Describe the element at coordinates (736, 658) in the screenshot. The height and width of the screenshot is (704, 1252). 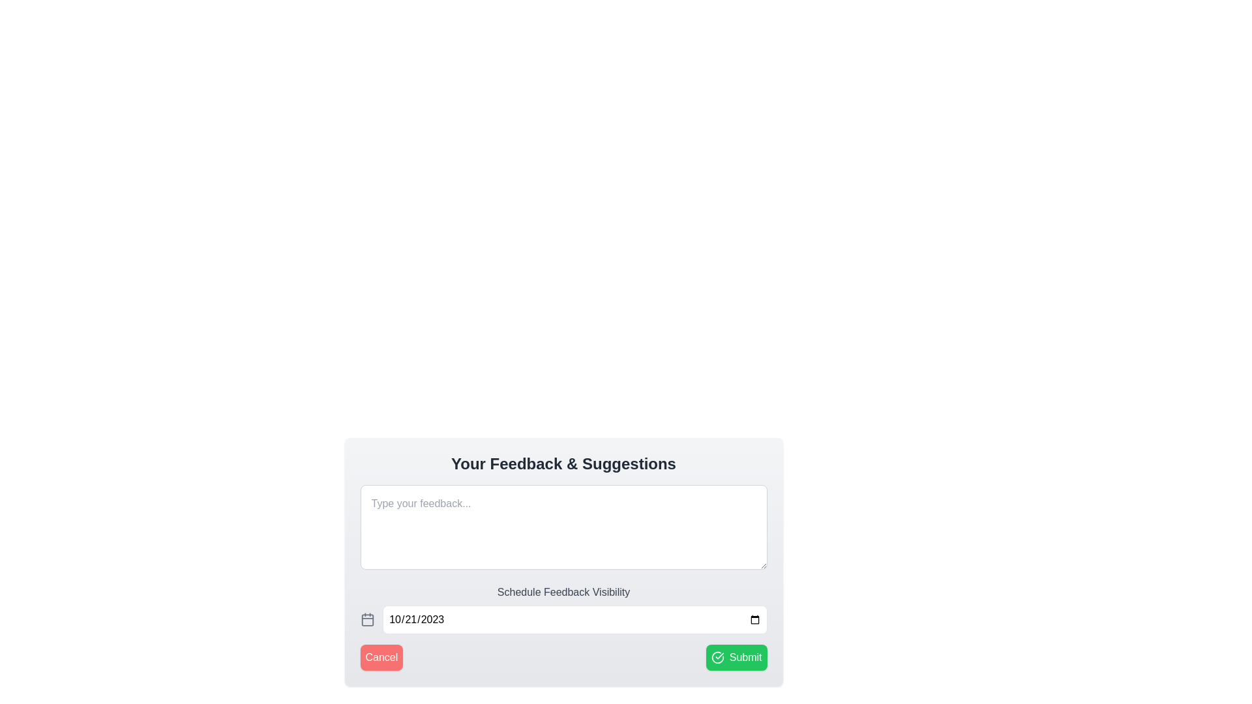
I see `the 'Submit' button located at the bottom-right corner of the interface, next to the 'Cancel' button, to confirm or submit the user's input` at that location.